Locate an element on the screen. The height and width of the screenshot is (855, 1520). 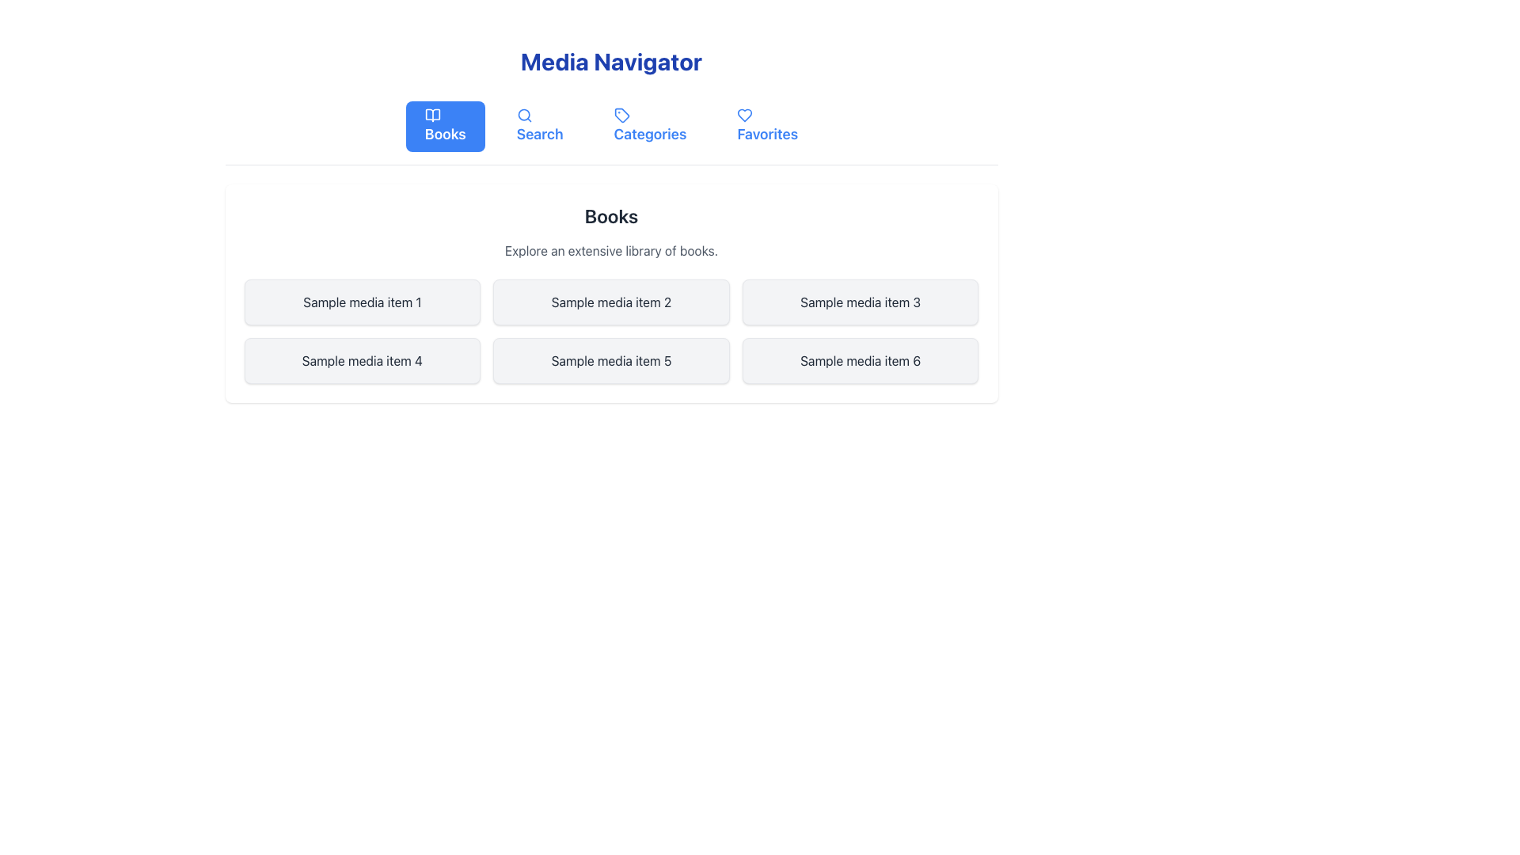
the informational card labeled 'Sample media item 2', which is a rectangular panel with a soft gray background and rounded corners, located in the upper row, second column of the grid layout is located at coordinates (610, 302).